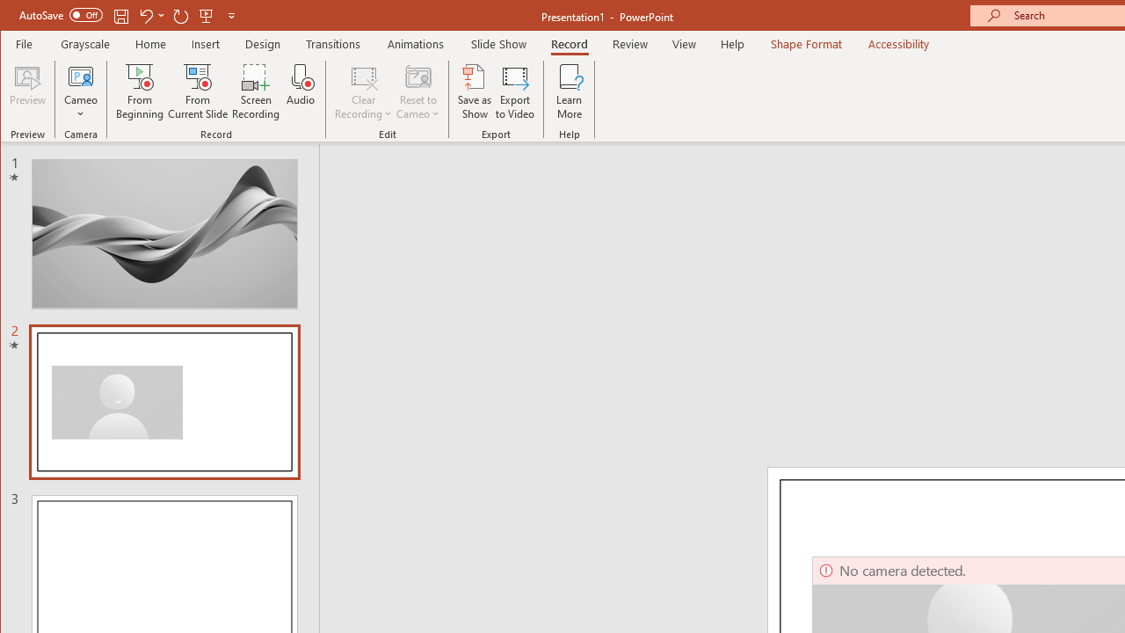 The height and width of the screenshot is (633, 1125). What do you see at coordinates (255, 91) in the screenshot?
I see `'Screen Recording'` at bounding box center [255, 91].